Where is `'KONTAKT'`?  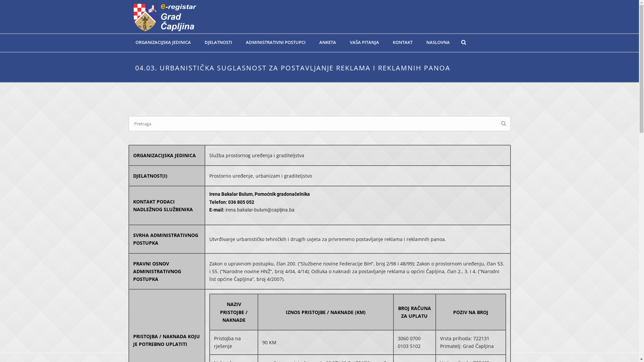 'KONTAKT' is located at coordinates (402, 42).